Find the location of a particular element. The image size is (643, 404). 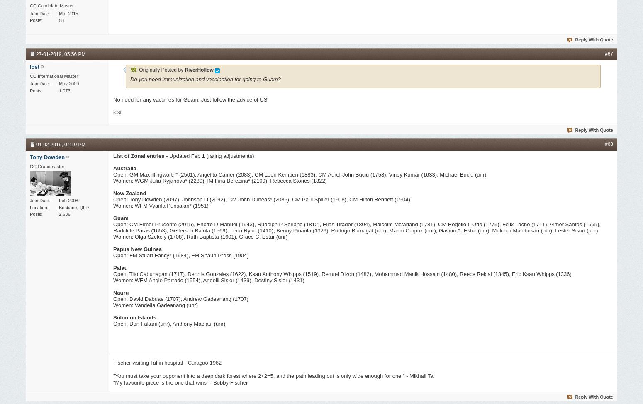

'CC Candidate Master' is located at coordinates (51, 6).